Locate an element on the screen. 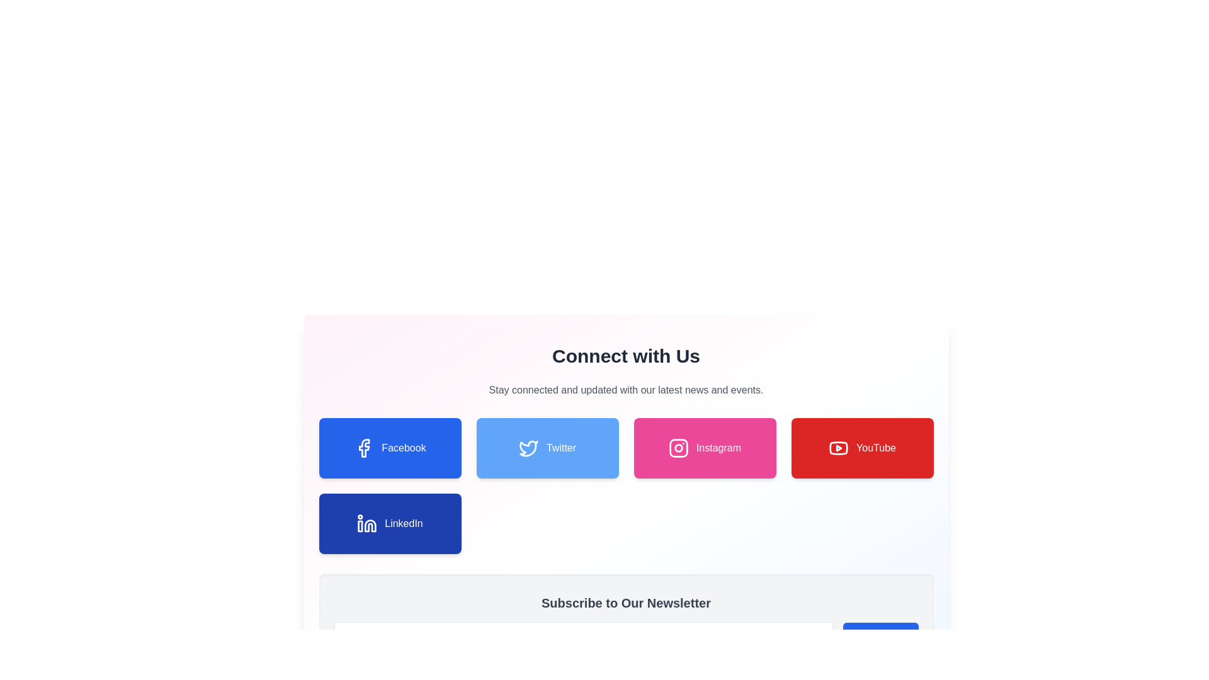 This screenshot has height=680, width=1209. the Twitter icon, which is an abstract bird-shaped icon in light blue color located within a rectangular button labeled 'Twitter' at the top-center of the layout is located at coordinates (529, 448).